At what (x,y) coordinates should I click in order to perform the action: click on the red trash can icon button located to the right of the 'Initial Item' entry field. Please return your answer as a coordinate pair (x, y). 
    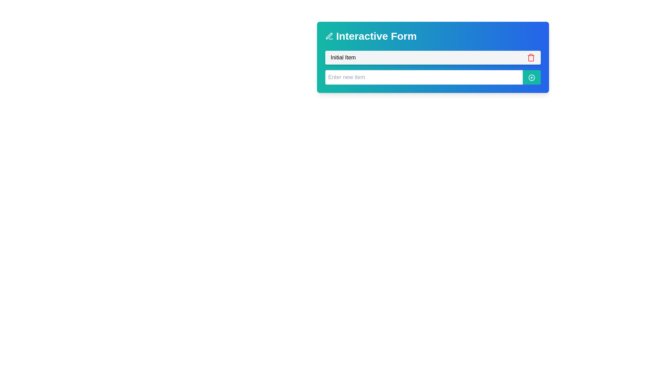
    Looking at the image, I should click on (530, 57).